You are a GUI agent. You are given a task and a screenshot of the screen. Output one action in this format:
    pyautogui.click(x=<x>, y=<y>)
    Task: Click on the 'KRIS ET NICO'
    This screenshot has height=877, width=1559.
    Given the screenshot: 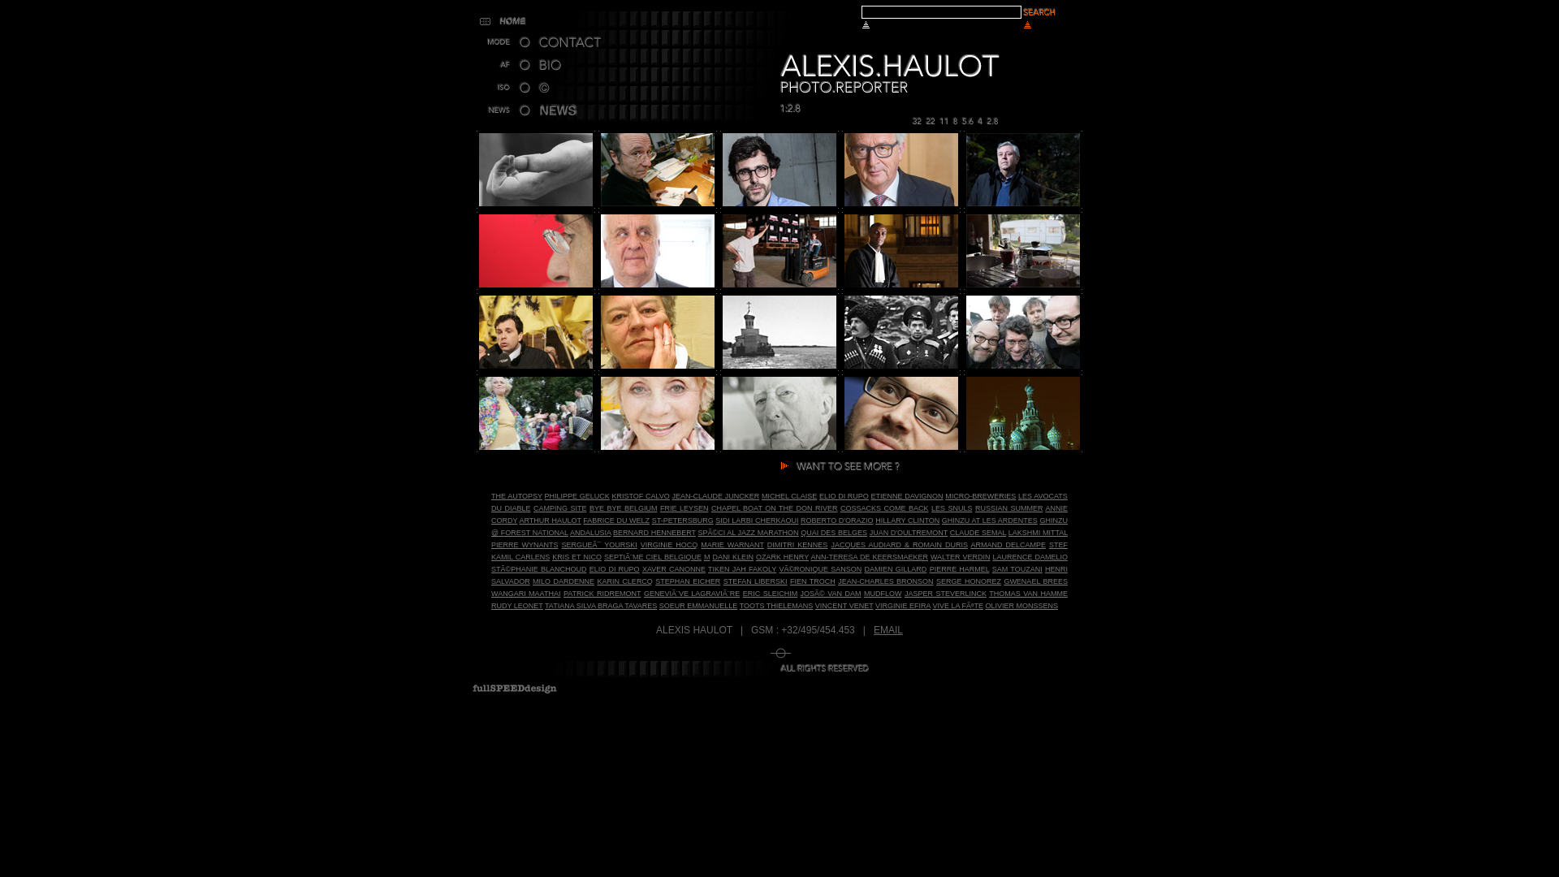 What is the action you would take?
    pyautogui.click(x=577, y=556)
    